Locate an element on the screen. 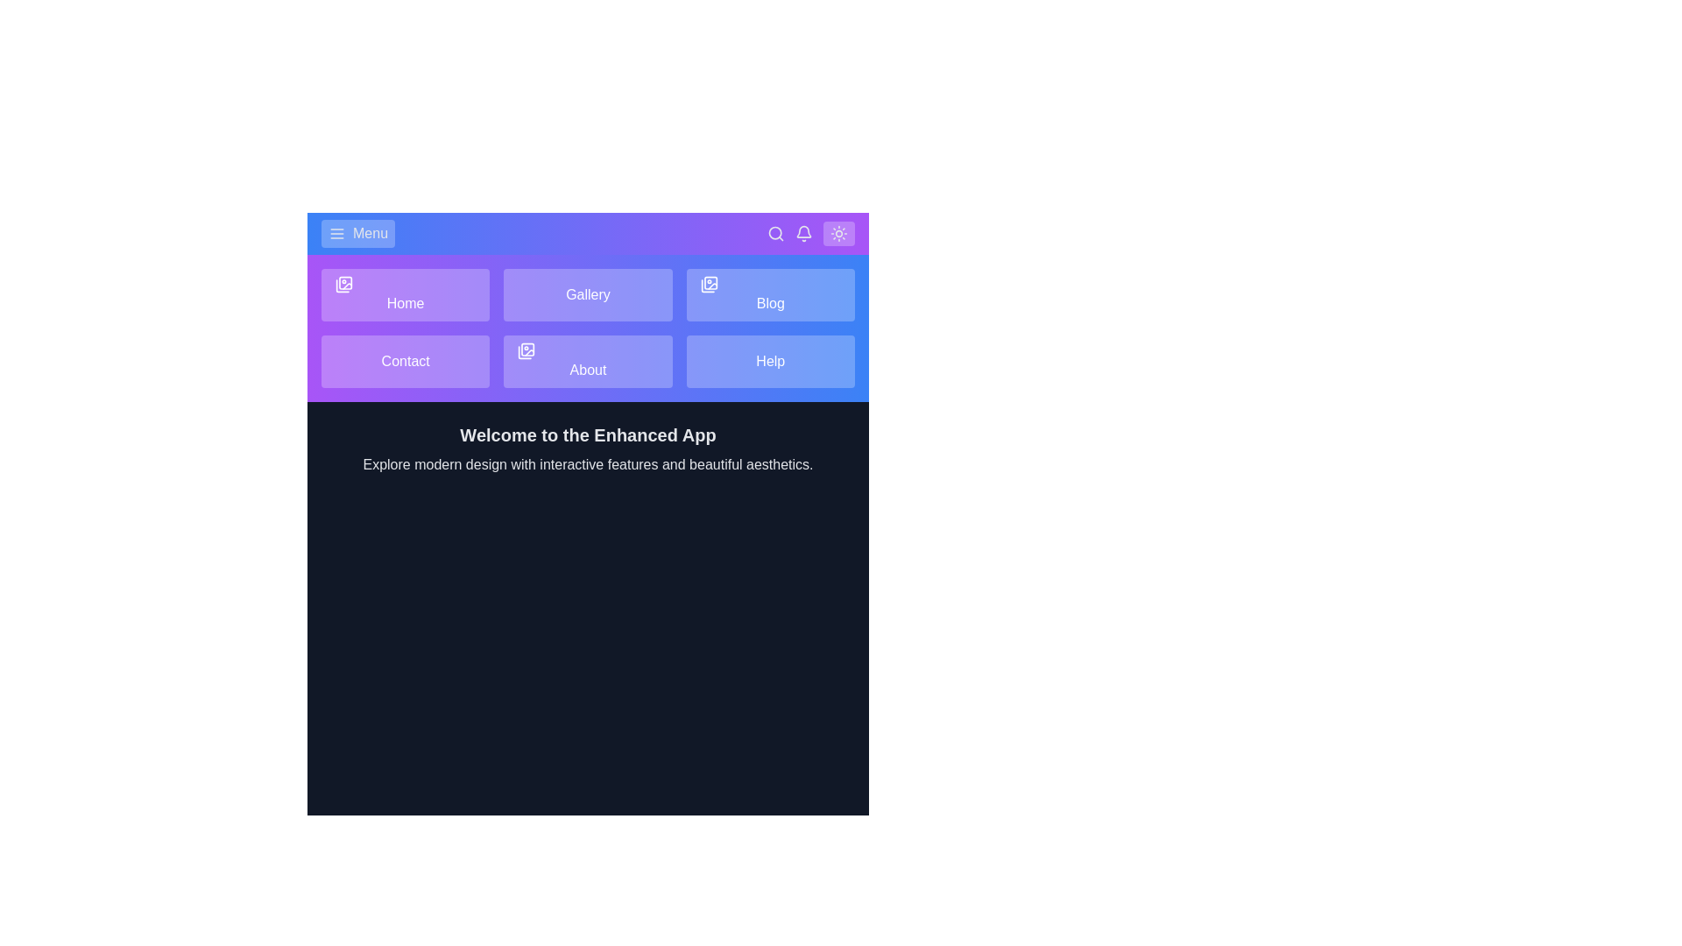  the search icon in the EnhancedAppBar is located at coordinates (775, 232).